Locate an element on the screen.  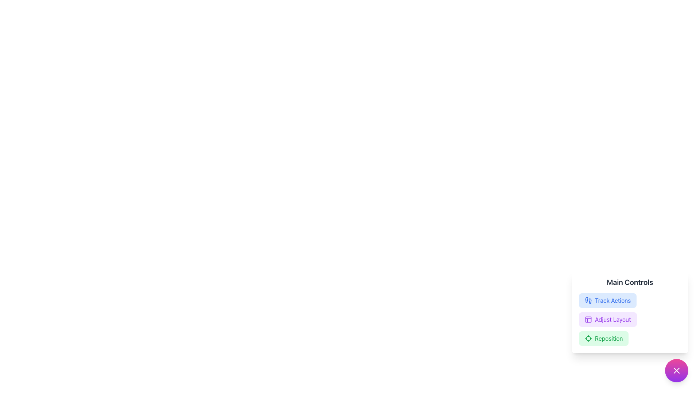
the reposition button located in the bottom right area of the interface, beneath the 'Adjust Layout' button is located at coordinates (604, 339).